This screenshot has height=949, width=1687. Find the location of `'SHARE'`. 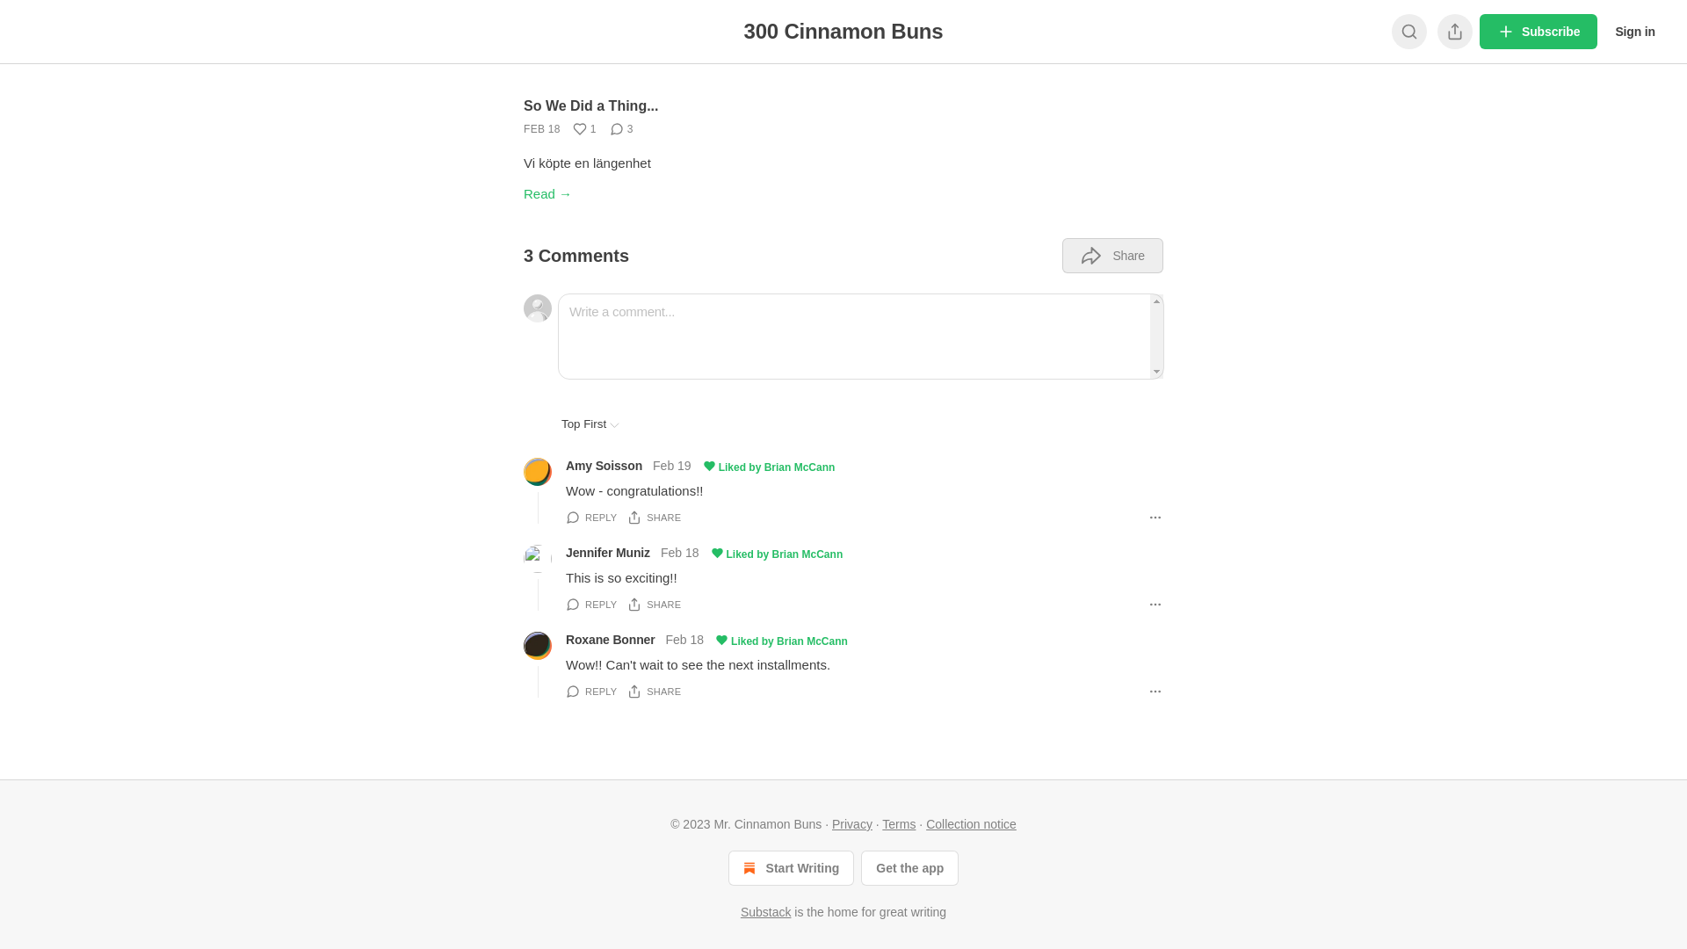

'SHARE' is located at coordinates (653, 603).